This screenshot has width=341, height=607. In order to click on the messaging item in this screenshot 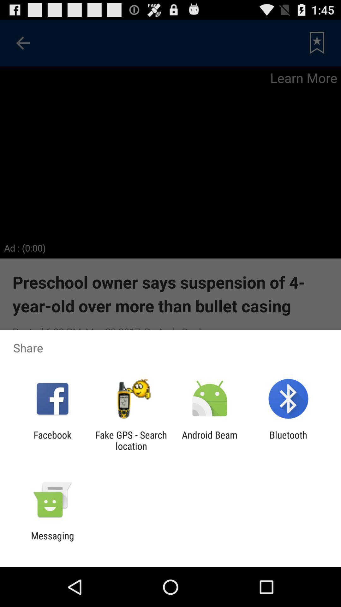, I will do `click(52, 541)`.